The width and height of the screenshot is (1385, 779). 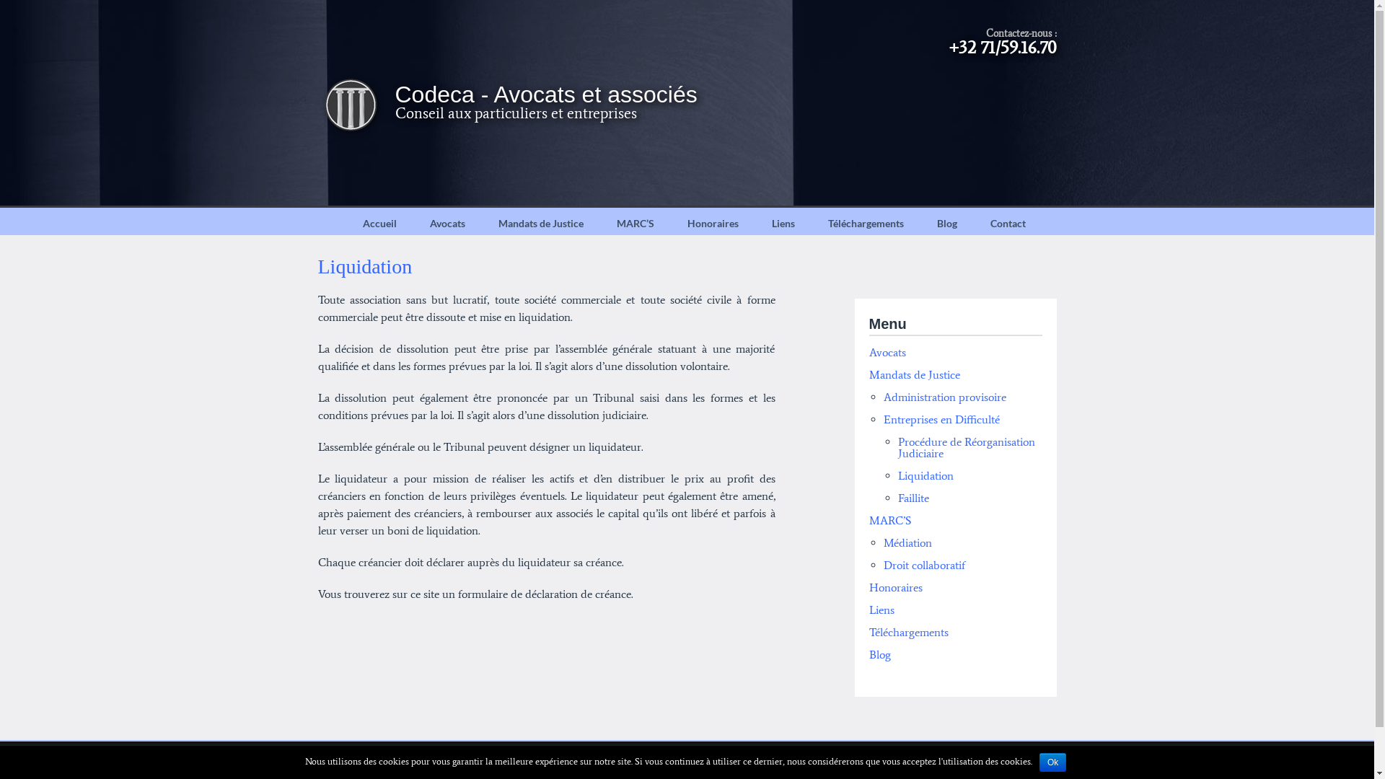 I want to click on 'Administration provisoire', so click(x=944, y=397).